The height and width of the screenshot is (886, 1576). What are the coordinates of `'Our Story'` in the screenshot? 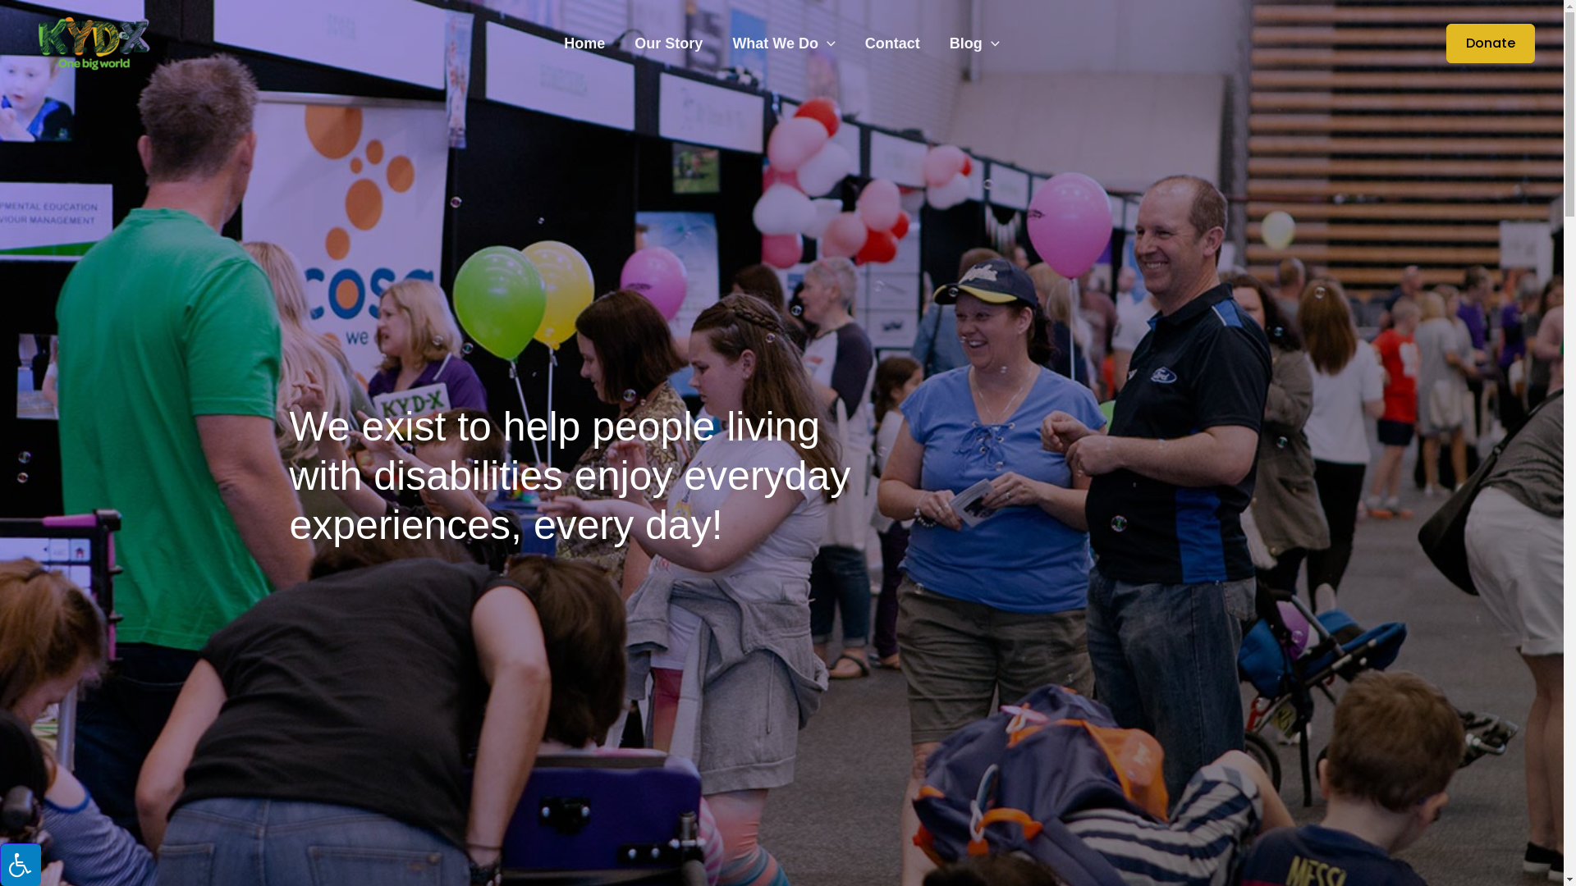 It's located at (668, 43).